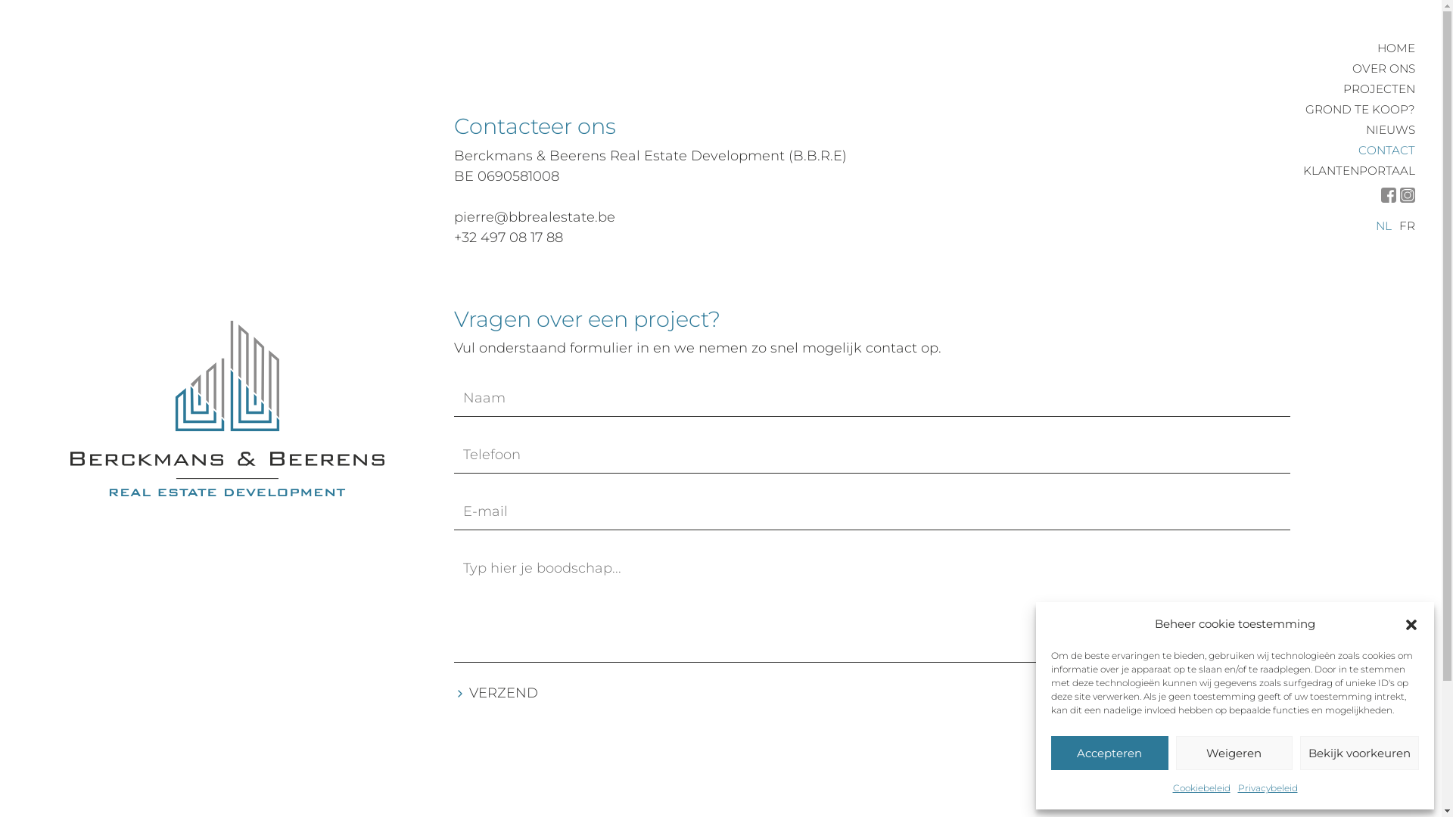 The width and height of the screenshot is (1453, 817). Describe the element at coordinates (509, 237) in the screenshot. I see `'+32 497 08 17 88'` at that location.